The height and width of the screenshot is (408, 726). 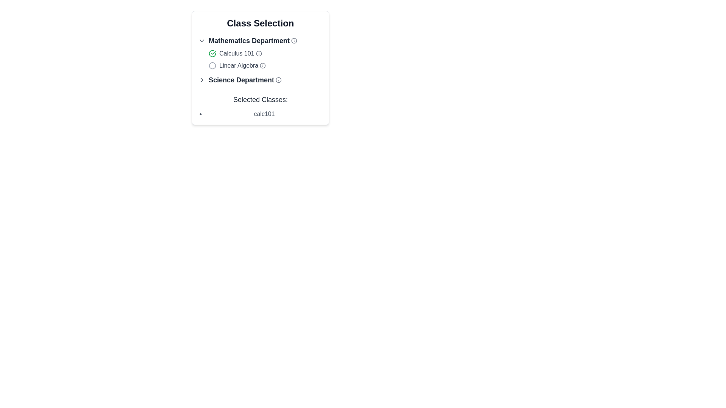 I want to click on the interactive indicator or button for the course 'Linear Algebra' located centrally under the 'Mathematics Department' heading, so click(x=261, y=68).